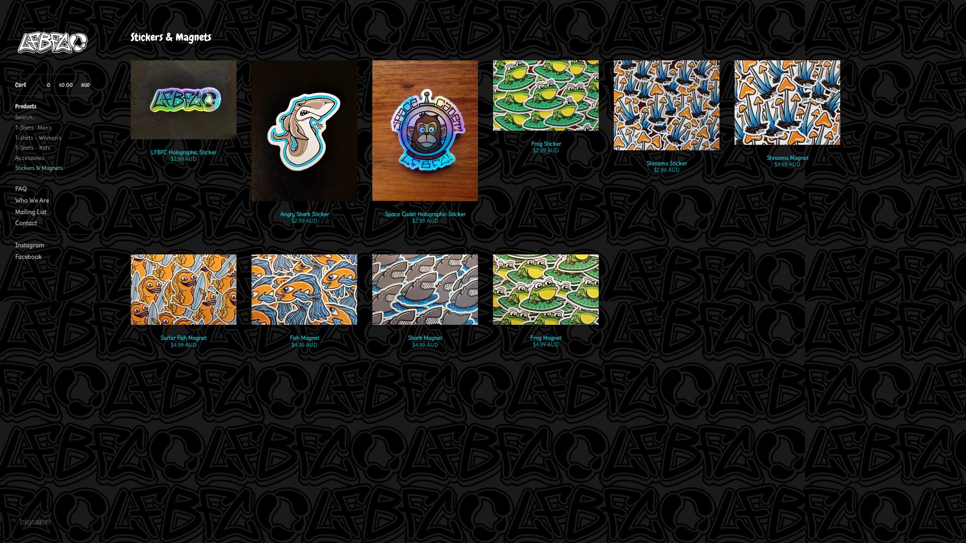  Describe the element at coordinates (425, 149) in the screenshot. I see `'Space Cadet Holographic Sticker` at that location.